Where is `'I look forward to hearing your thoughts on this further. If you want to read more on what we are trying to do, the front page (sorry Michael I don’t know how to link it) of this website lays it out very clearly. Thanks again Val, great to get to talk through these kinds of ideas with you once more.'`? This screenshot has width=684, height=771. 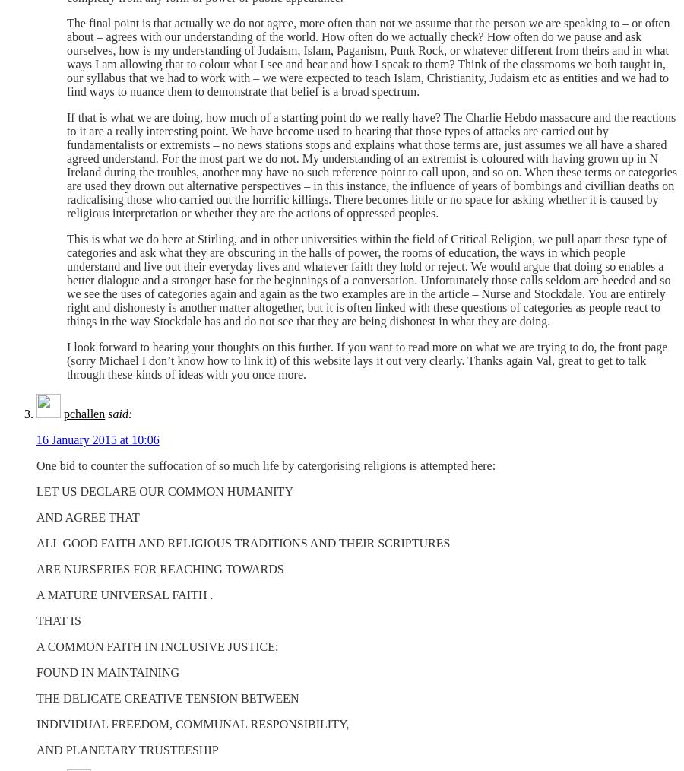 'I look forward to hearing your thoughts on this further. If you want to read more on what we are trying to do, the front page (sorry Michael I don’t know how to link it) of this website lays it out very clearly. Thanks again Val, great to get to talk through these kinds of ideas with you once more.' is located at coordinates (366, 360).